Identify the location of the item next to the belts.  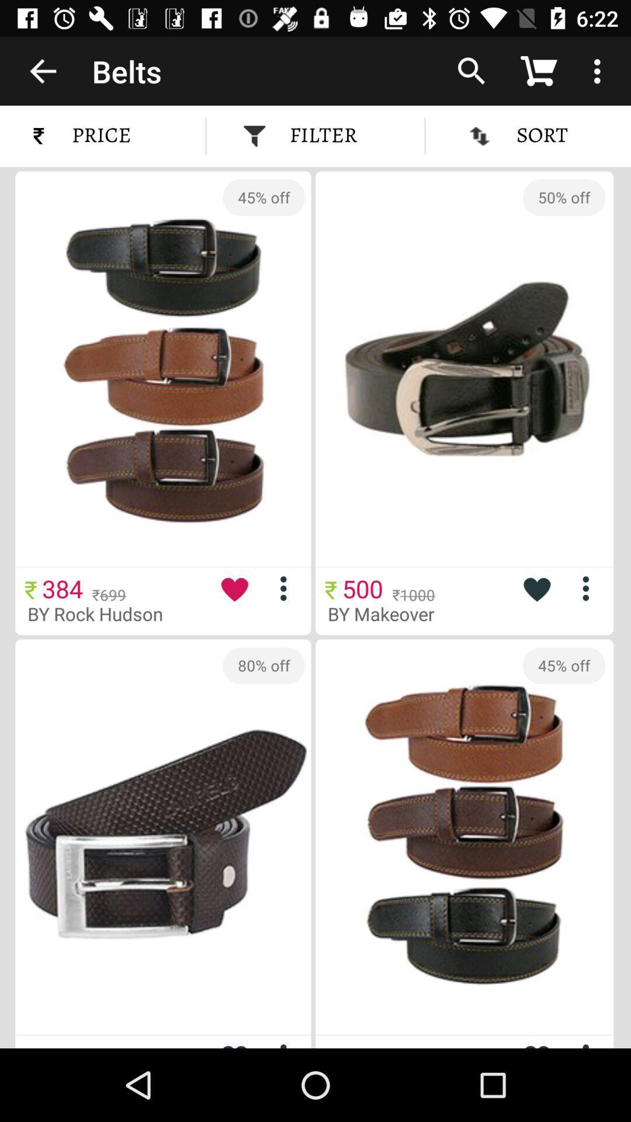
(42, 70).